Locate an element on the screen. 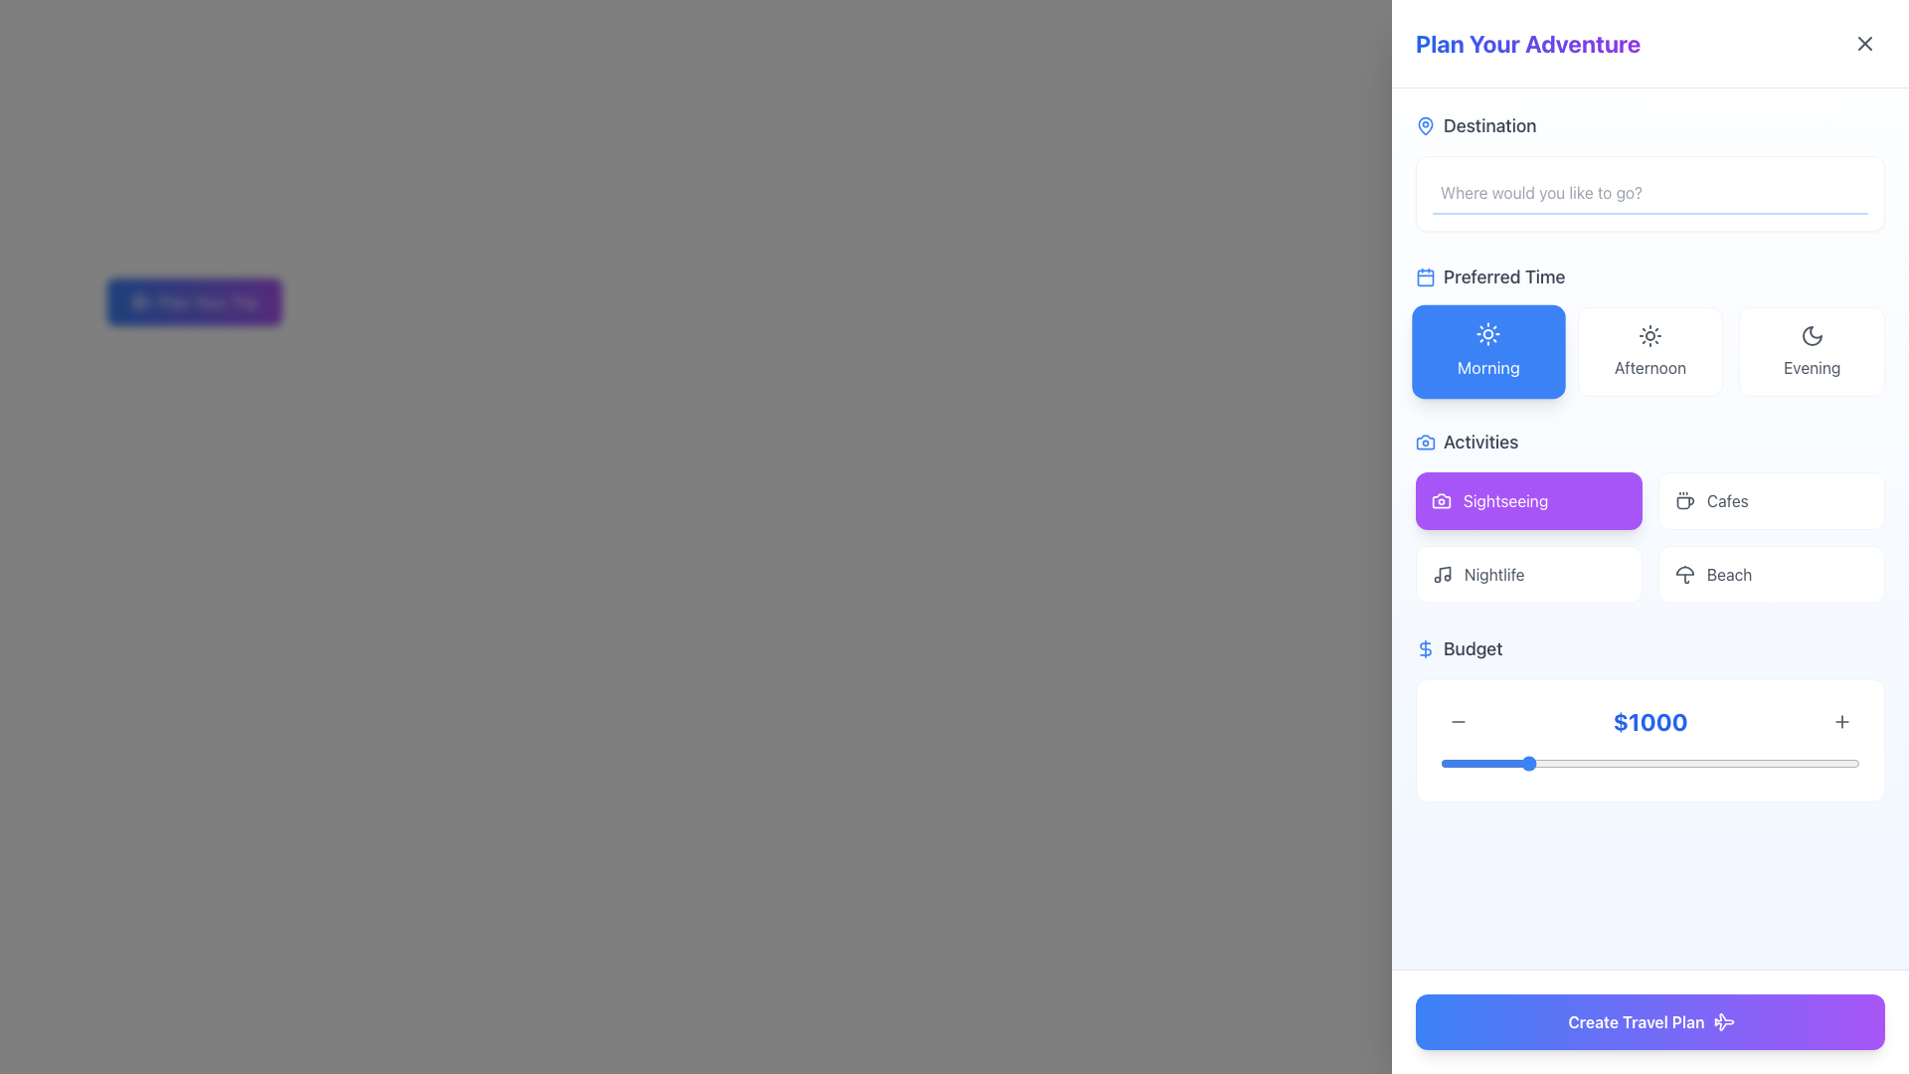 The image size is (1909, 1074). the decrement button located to the left of the '$1000' text to decrease the associated budget value is located at coordinates (1459, 721).